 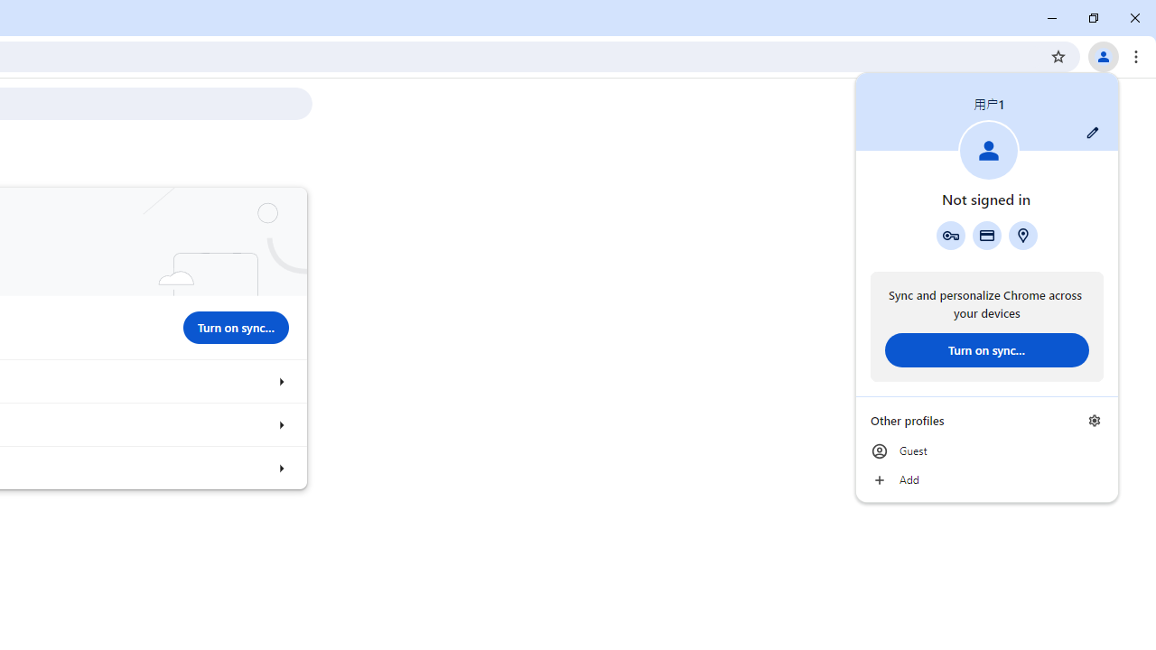 I want to click on 'Customize profile', so click(x=1092, y=132).